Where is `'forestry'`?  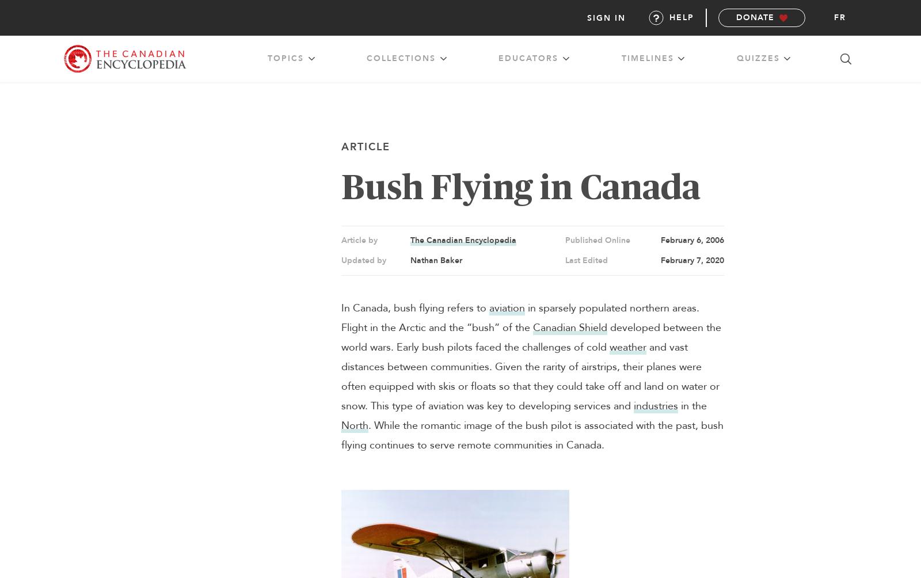
'forestry' is located at coordinates (678, 86).